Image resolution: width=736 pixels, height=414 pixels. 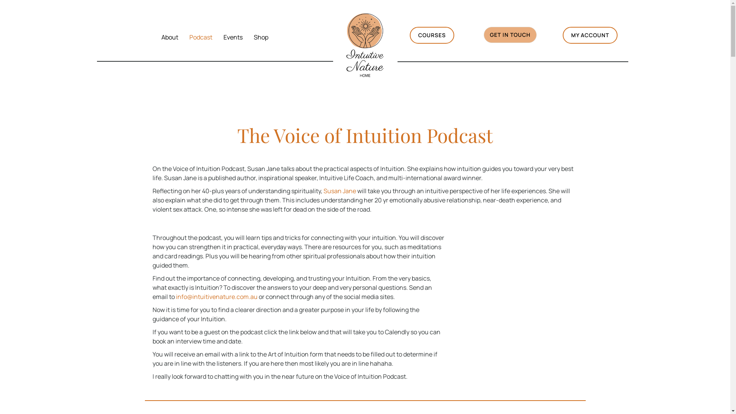 I want to click on 'Susan Jane', so click(x=324, y=190).